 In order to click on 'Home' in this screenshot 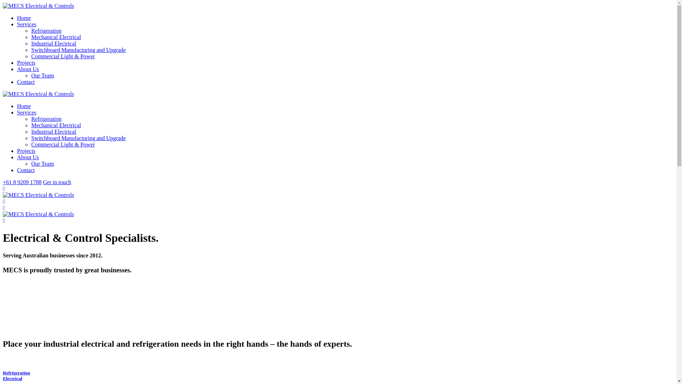, I will do `click(24, 106)`.